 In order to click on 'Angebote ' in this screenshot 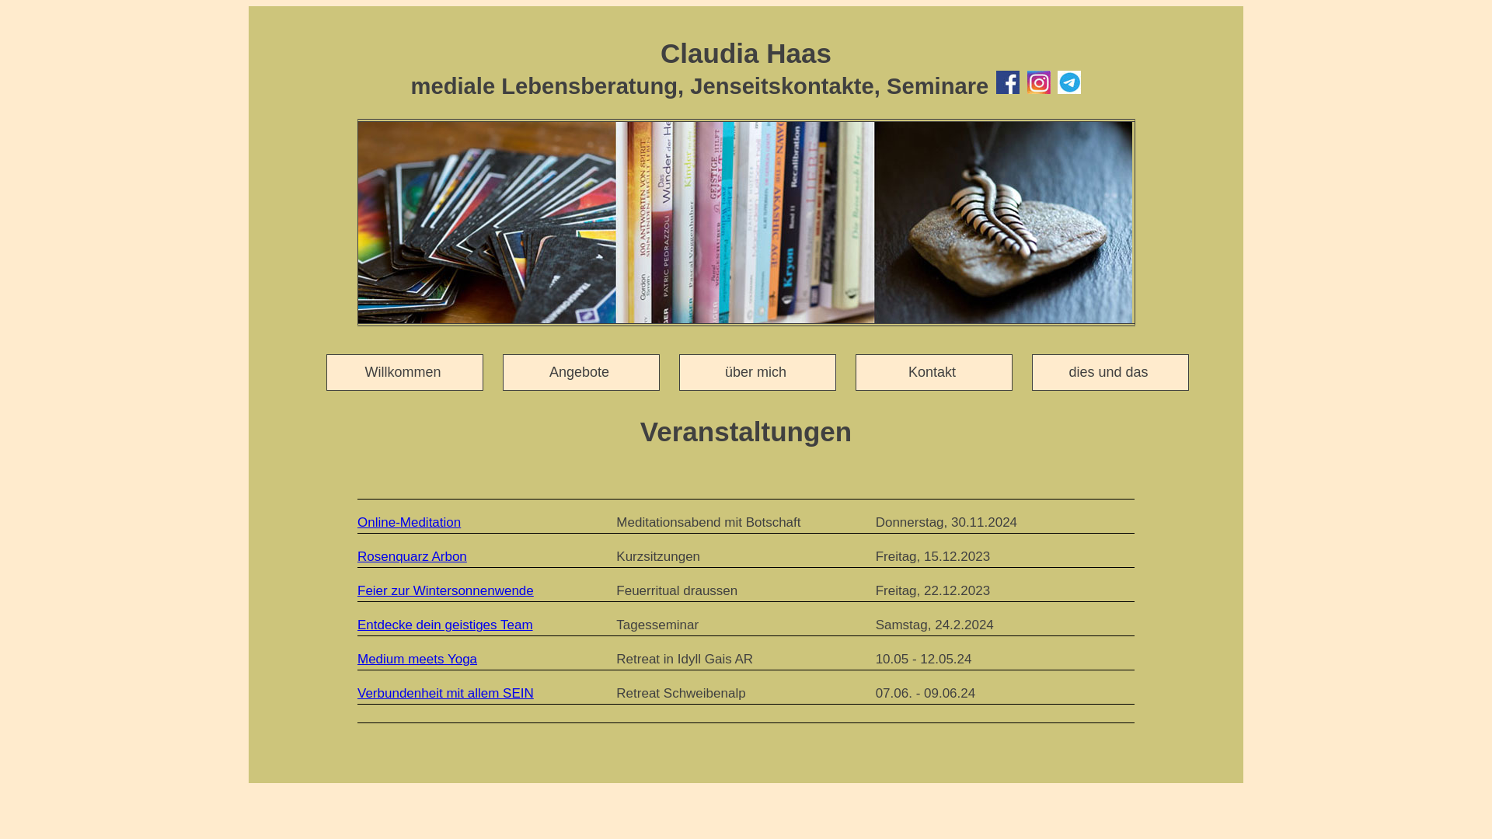, I will do `click(580, 372)`.